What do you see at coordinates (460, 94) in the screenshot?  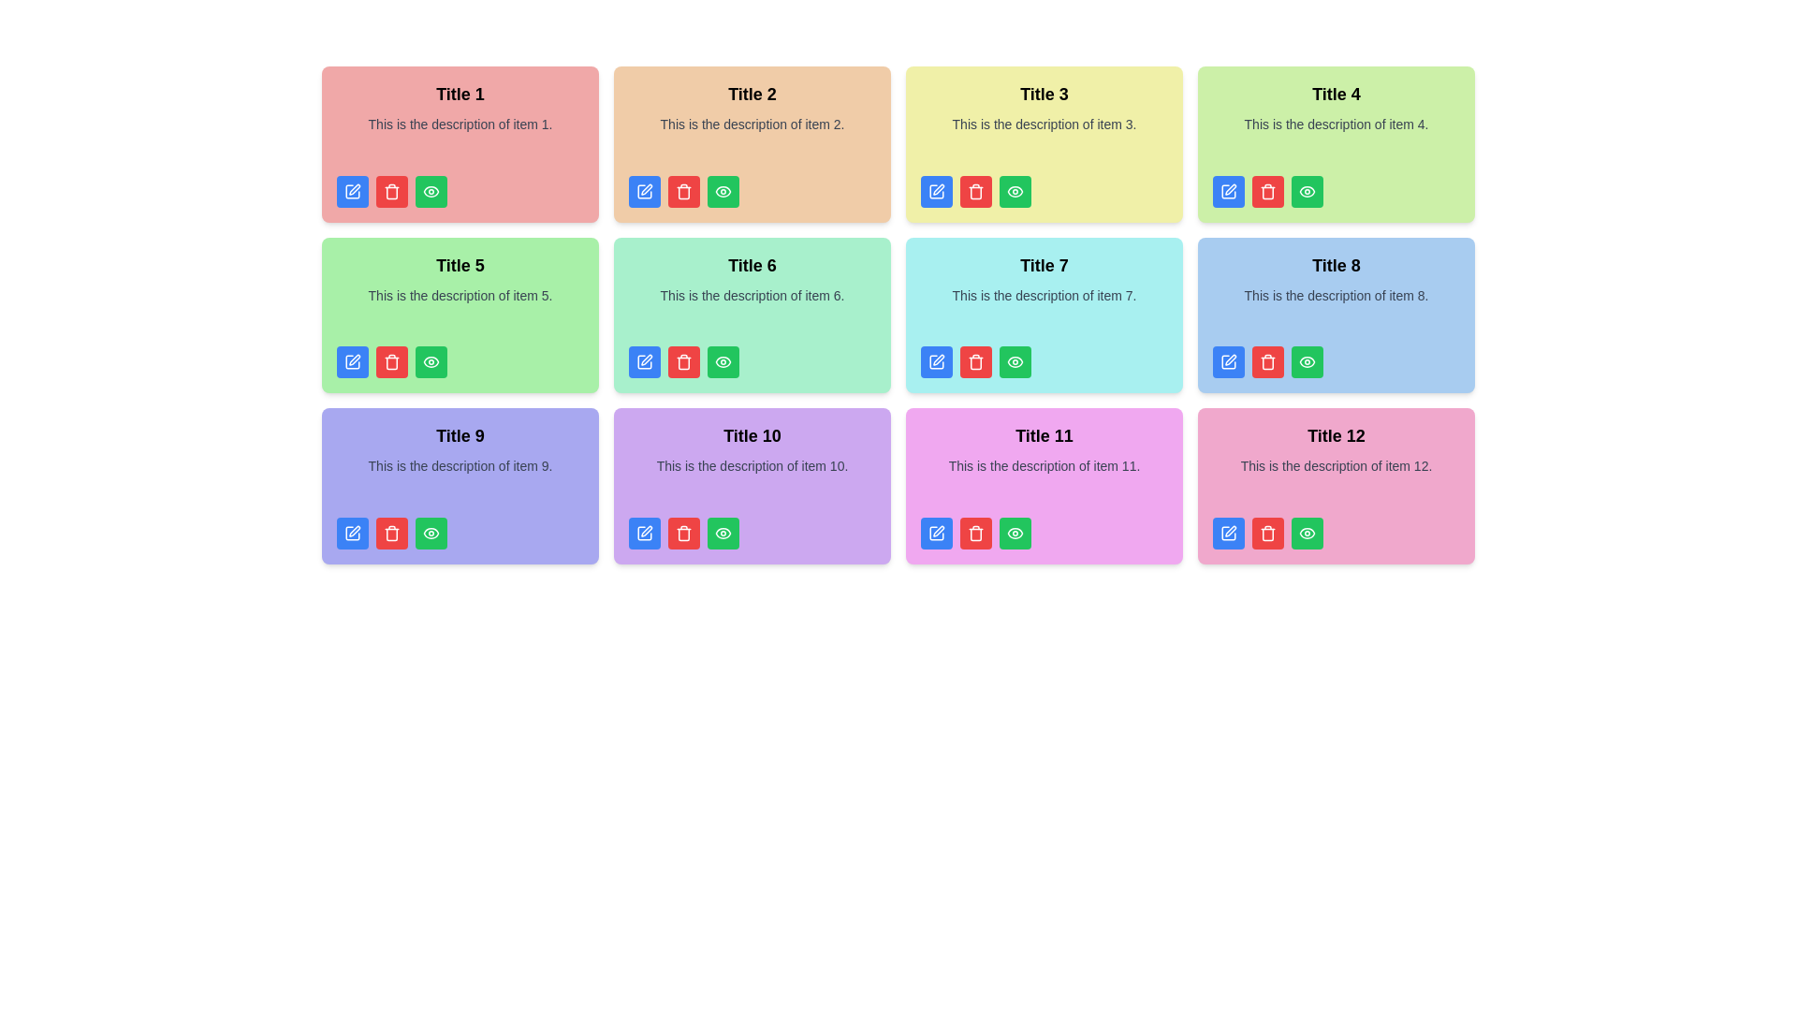 I see `text of the bold, black-text heading 'Title 1' located at the top of the upper-left card in a 4x3 grid layout` at bounding box center [460, 94].